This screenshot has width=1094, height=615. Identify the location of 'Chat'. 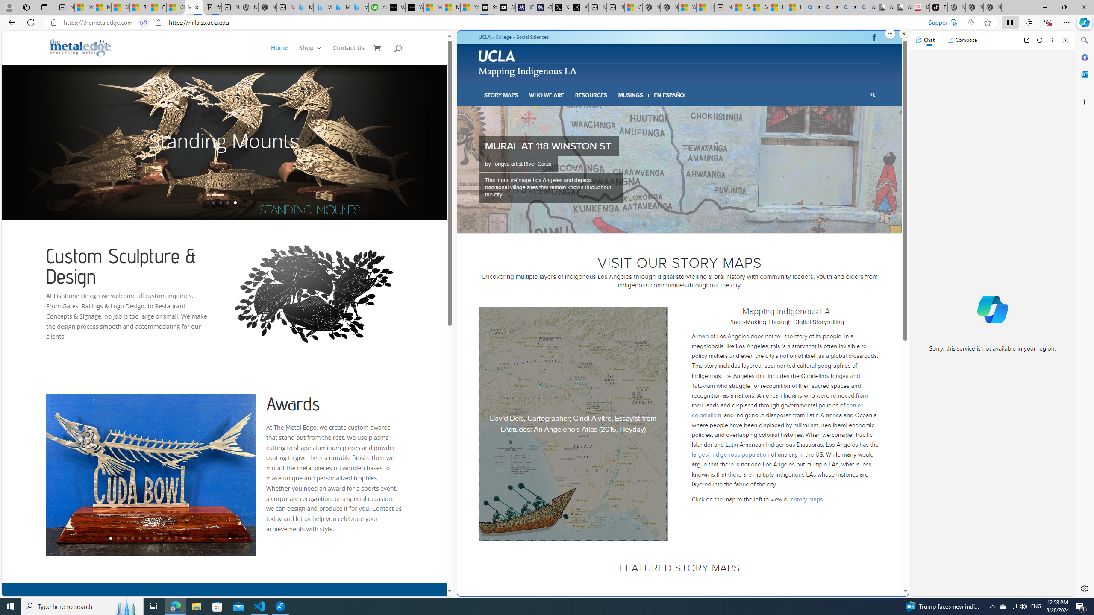
(925, 39).